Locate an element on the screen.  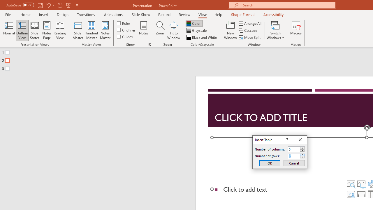
'Cancel' is located at coordinates (294, 163).